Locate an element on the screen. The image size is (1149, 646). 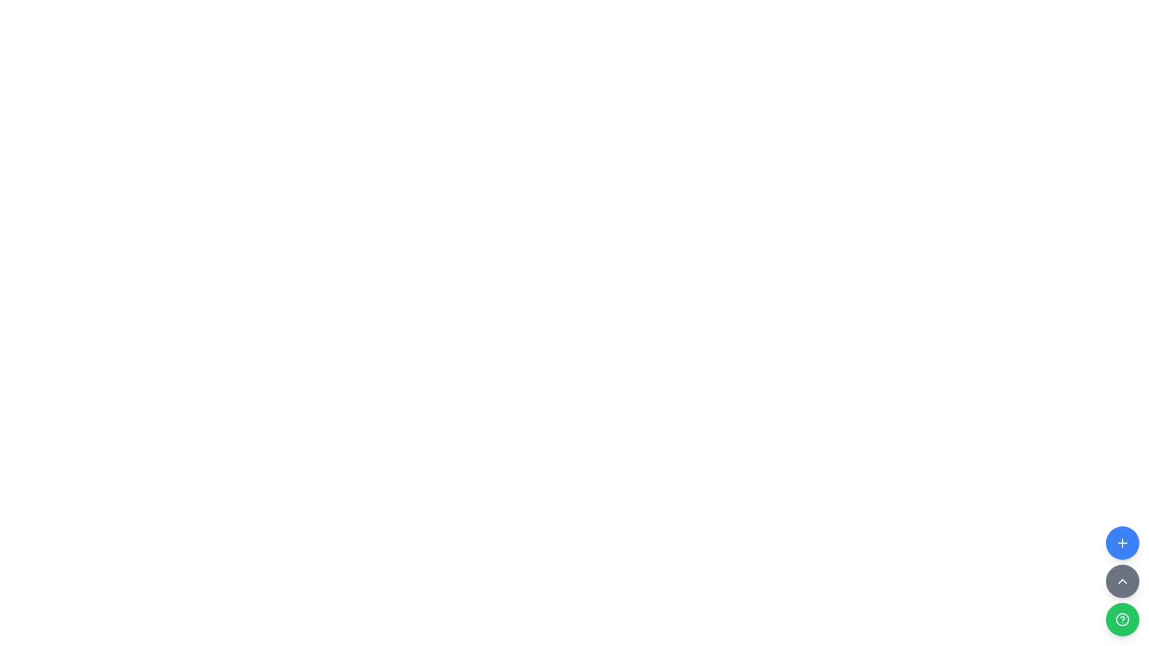
the action trigger button located in the bottom-right corner of the interface to observe the hover effect is located at coordinates (1122, 543).